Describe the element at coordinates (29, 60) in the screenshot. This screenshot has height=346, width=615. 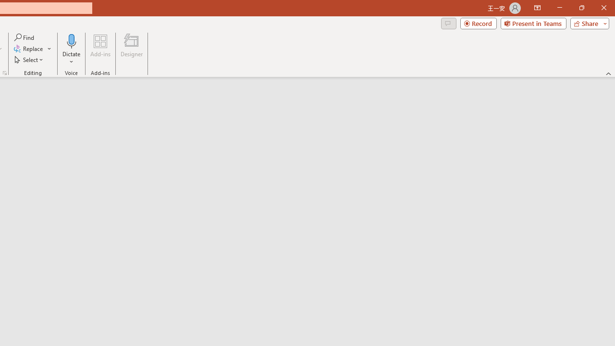
I see `'Select'` at that location.